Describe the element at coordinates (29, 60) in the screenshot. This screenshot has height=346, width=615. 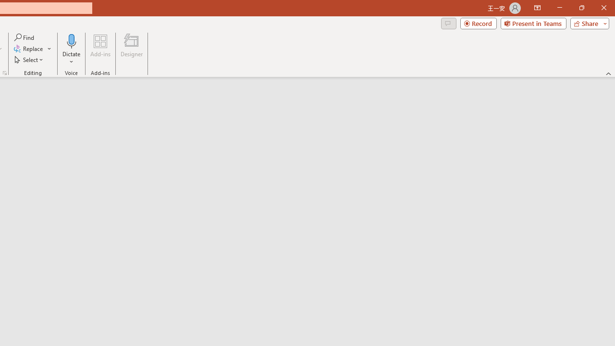
I see `'Select'` at that location.